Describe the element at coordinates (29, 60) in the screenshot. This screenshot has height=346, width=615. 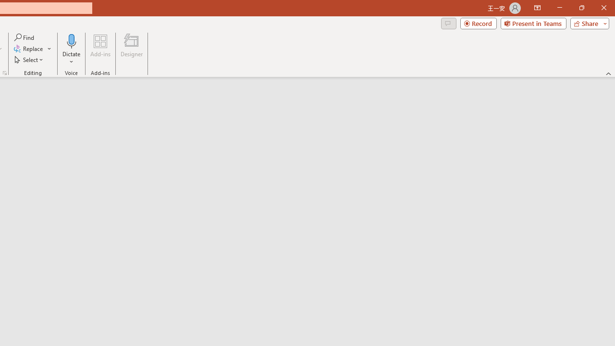
I see `'Select'` at that location.